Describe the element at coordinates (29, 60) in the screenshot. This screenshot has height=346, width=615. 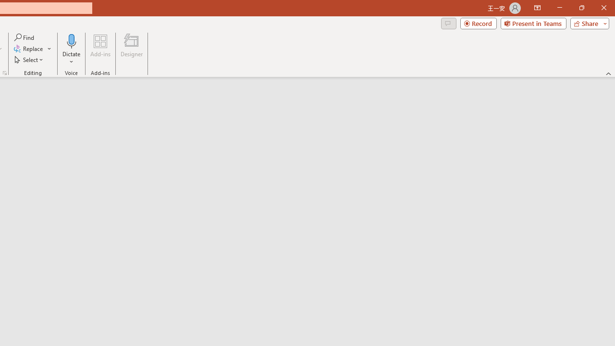
I see `'Select'` at that location.